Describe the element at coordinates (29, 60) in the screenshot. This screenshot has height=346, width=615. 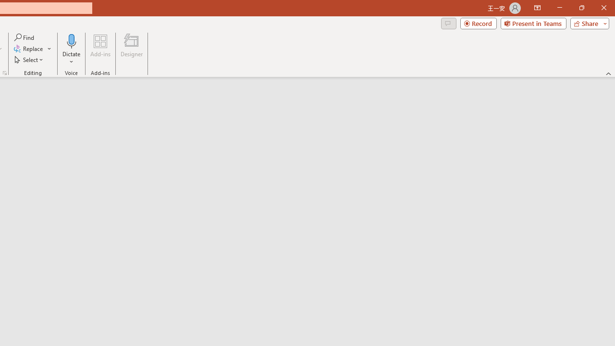
I see `'Select'` at that location.